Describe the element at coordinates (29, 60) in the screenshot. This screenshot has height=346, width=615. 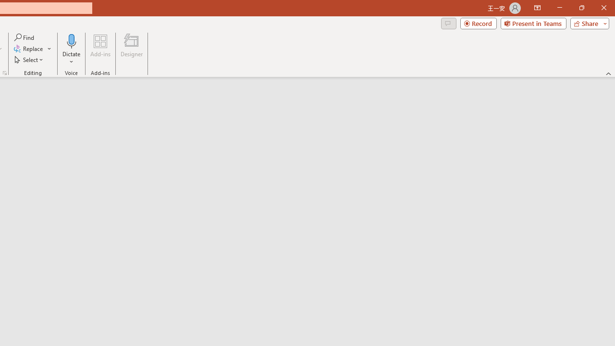
I see `'Select'` at that location.